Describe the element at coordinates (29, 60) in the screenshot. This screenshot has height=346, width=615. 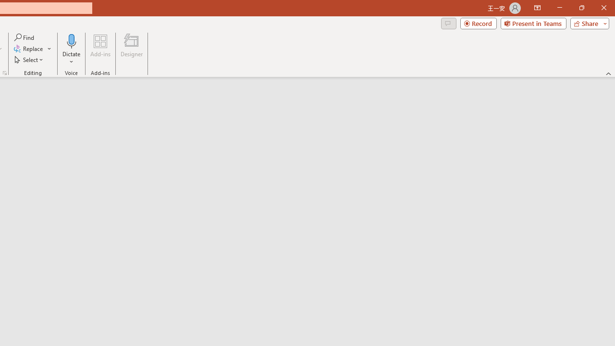
I see `'Select'` at that location.